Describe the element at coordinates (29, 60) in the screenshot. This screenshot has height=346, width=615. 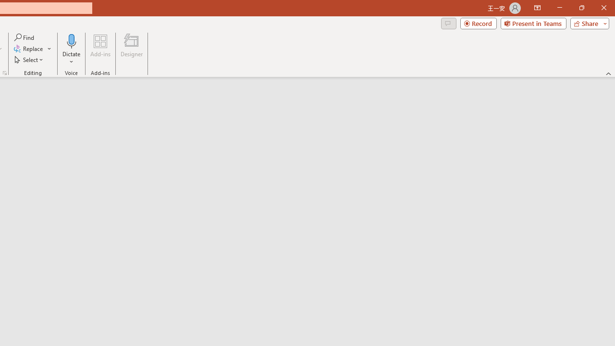
I see `'Select'` at that location.